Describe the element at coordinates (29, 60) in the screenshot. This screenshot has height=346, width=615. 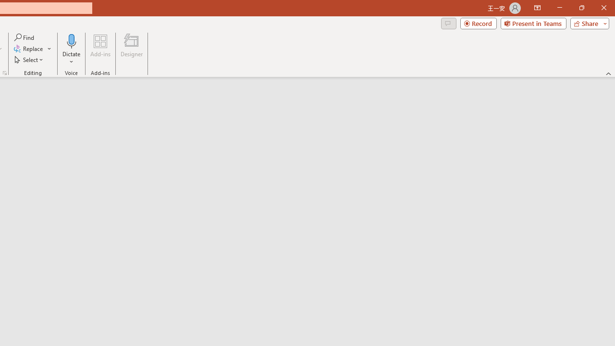
I see `'Select'` at that location.